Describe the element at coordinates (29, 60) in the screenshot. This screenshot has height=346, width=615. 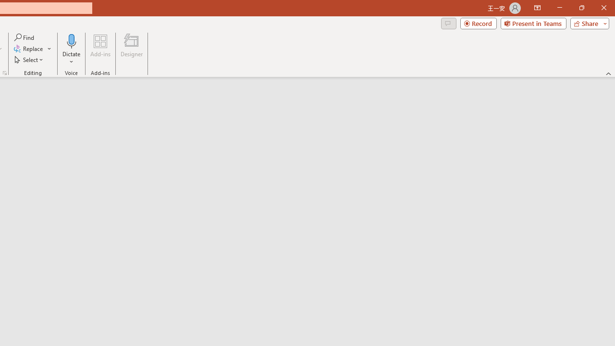
I see `'Select'` at that location.